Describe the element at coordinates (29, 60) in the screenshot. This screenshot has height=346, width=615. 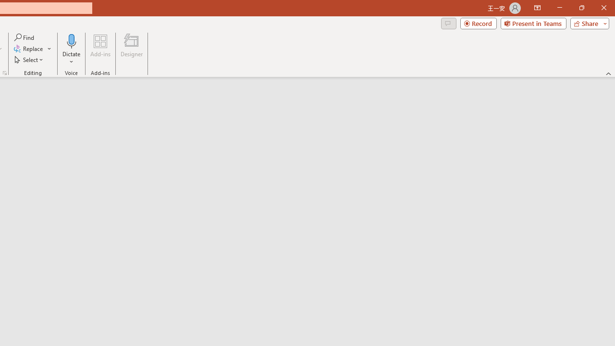
I see `'Select'` at that location.